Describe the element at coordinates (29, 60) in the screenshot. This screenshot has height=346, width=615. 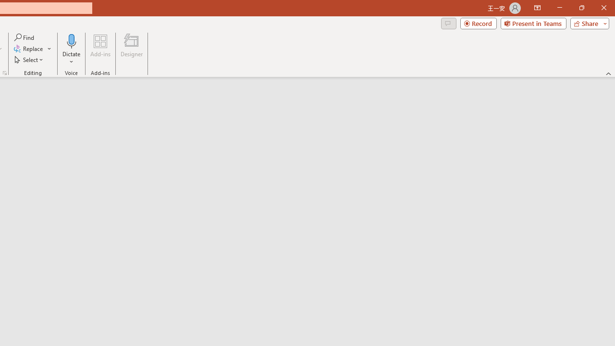
I see `'Select'` at that location.